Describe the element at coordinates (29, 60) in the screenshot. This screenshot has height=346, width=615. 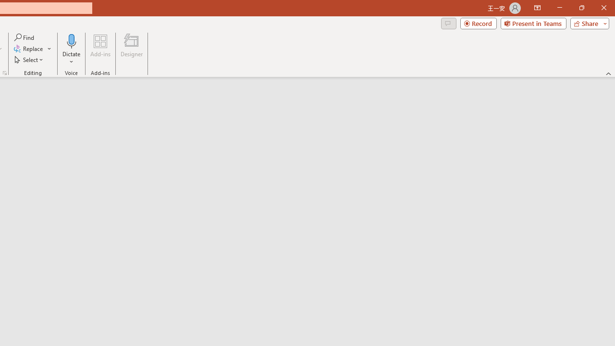
I see `'Select'` at that location.